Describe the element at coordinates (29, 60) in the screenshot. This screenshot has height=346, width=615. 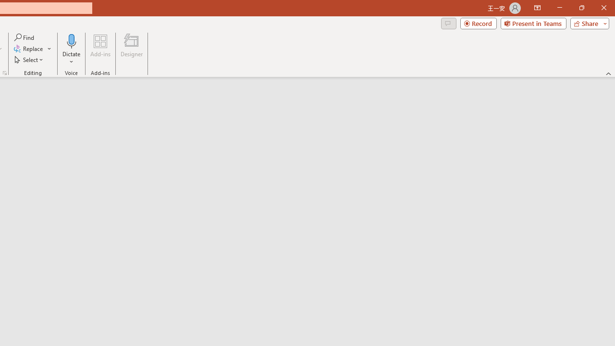
I see `'Select'` at that location.